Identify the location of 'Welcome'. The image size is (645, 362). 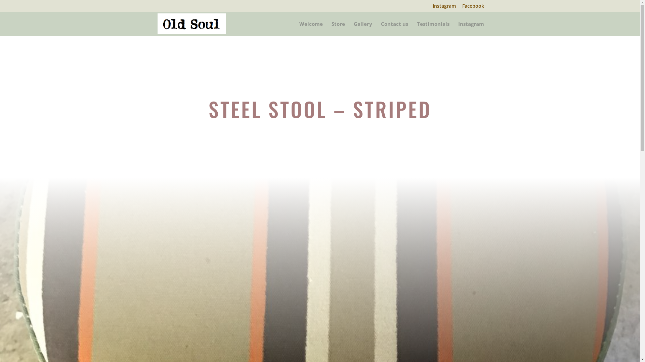
(298, 28).